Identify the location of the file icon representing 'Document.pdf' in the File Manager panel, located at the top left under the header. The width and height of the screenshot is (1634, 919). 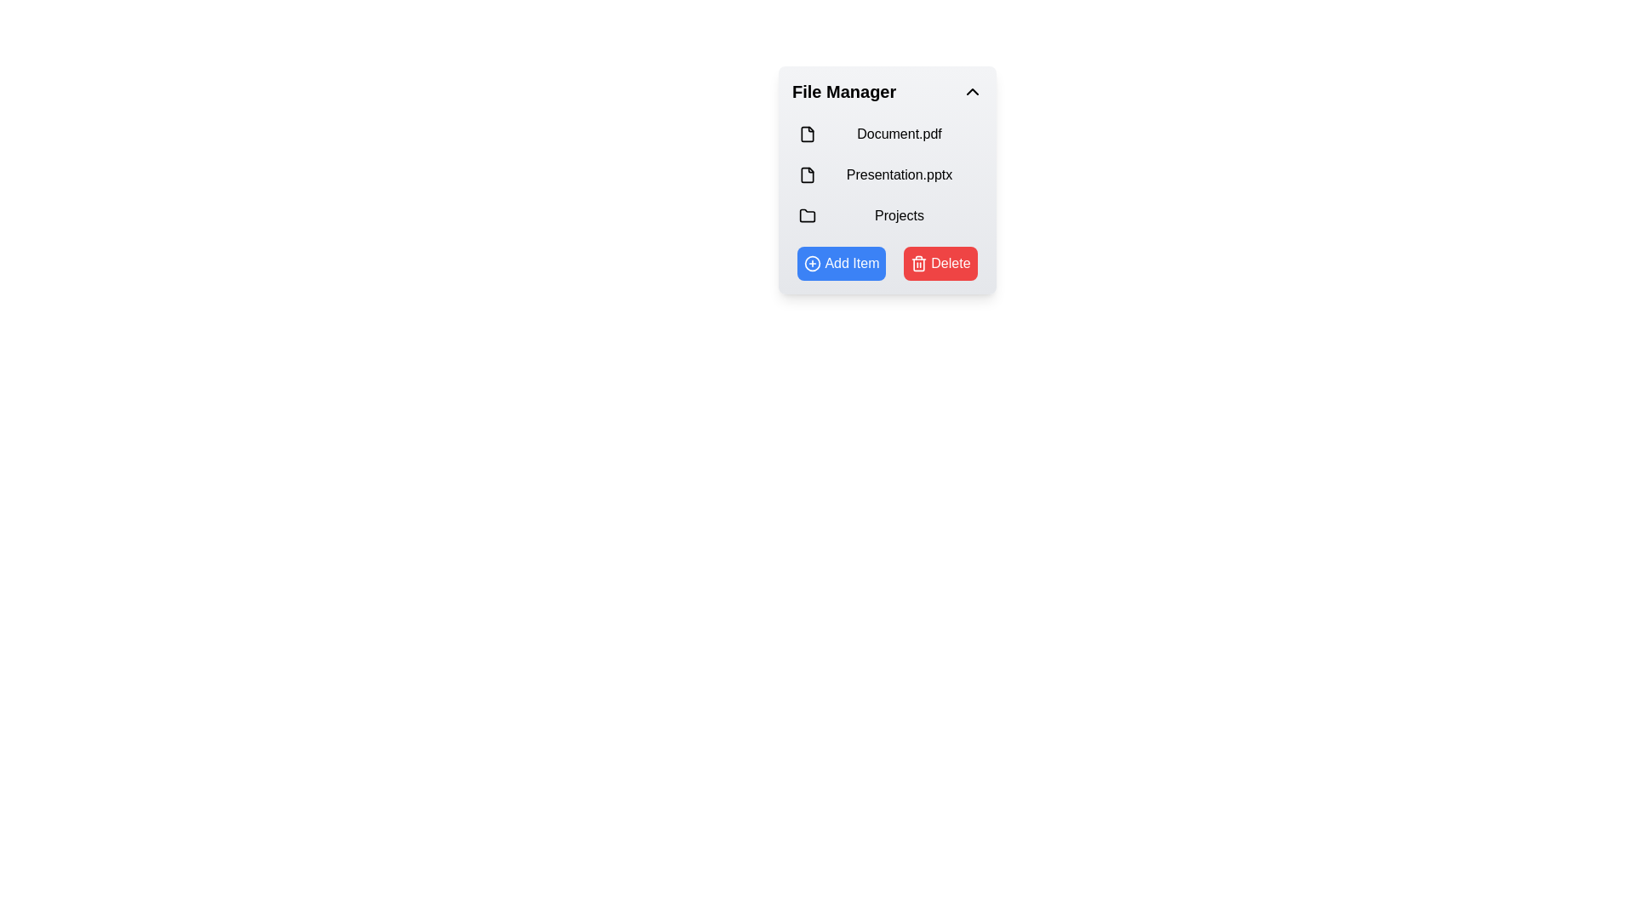
(807, 134).